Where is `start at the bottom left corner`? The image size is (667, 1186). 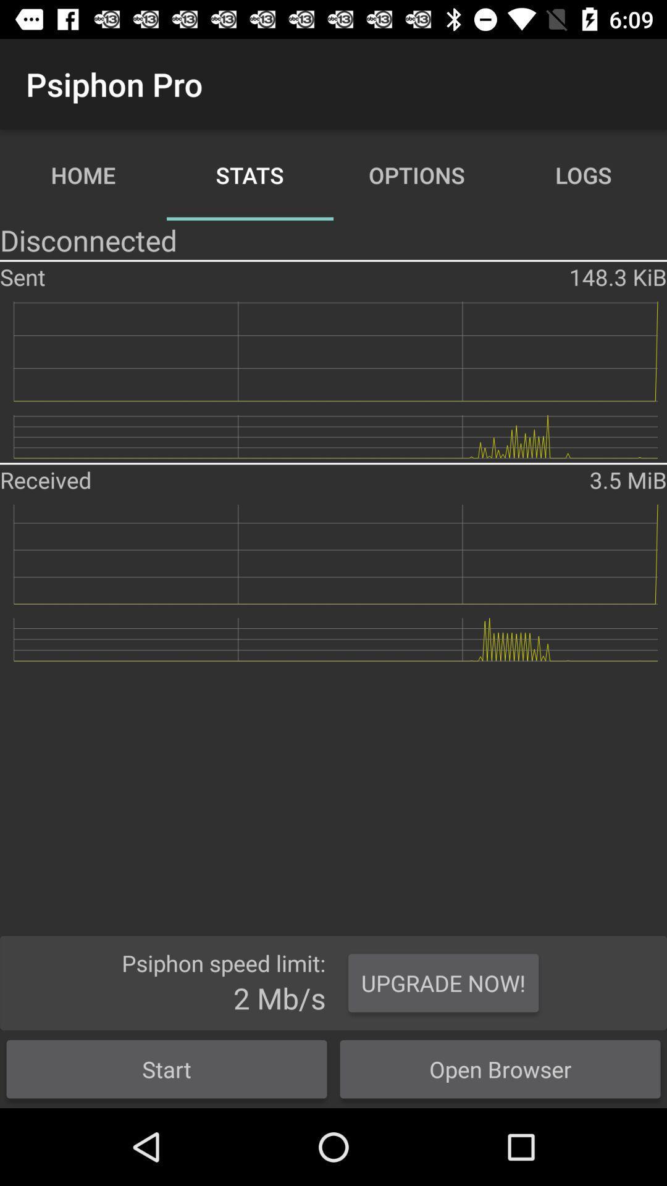
start at the bottom left corner is located at coordinates (167, 1069).